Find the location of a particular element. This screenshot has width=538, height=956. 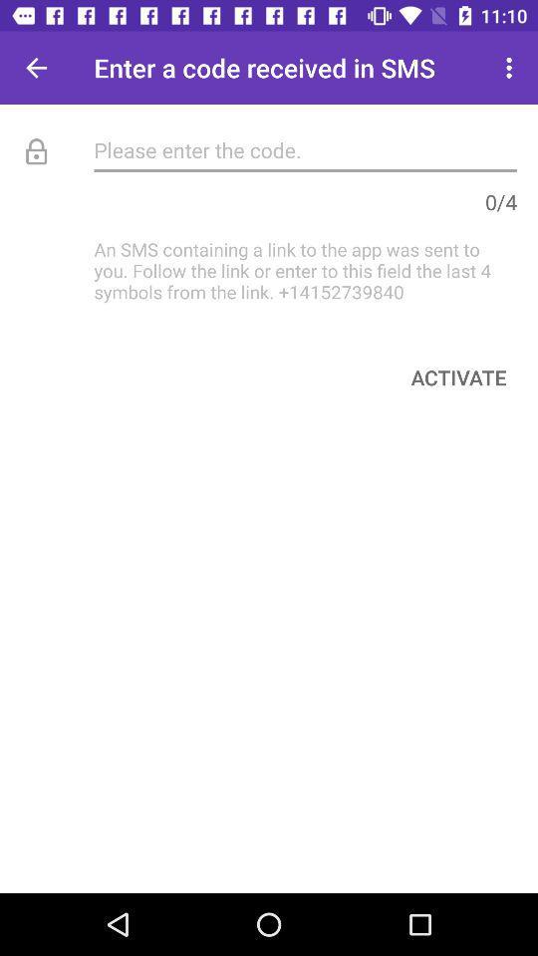

item to the left of enter a code is located at coordinates (36, 68).